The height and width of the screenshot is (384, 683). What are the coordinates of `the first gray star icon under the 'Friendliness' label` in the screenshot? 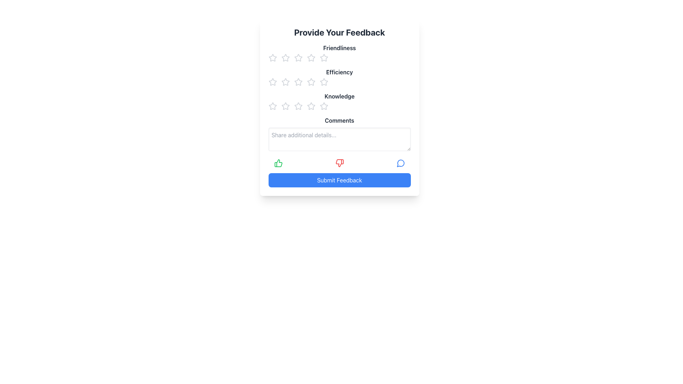 It's located at (272, 57).